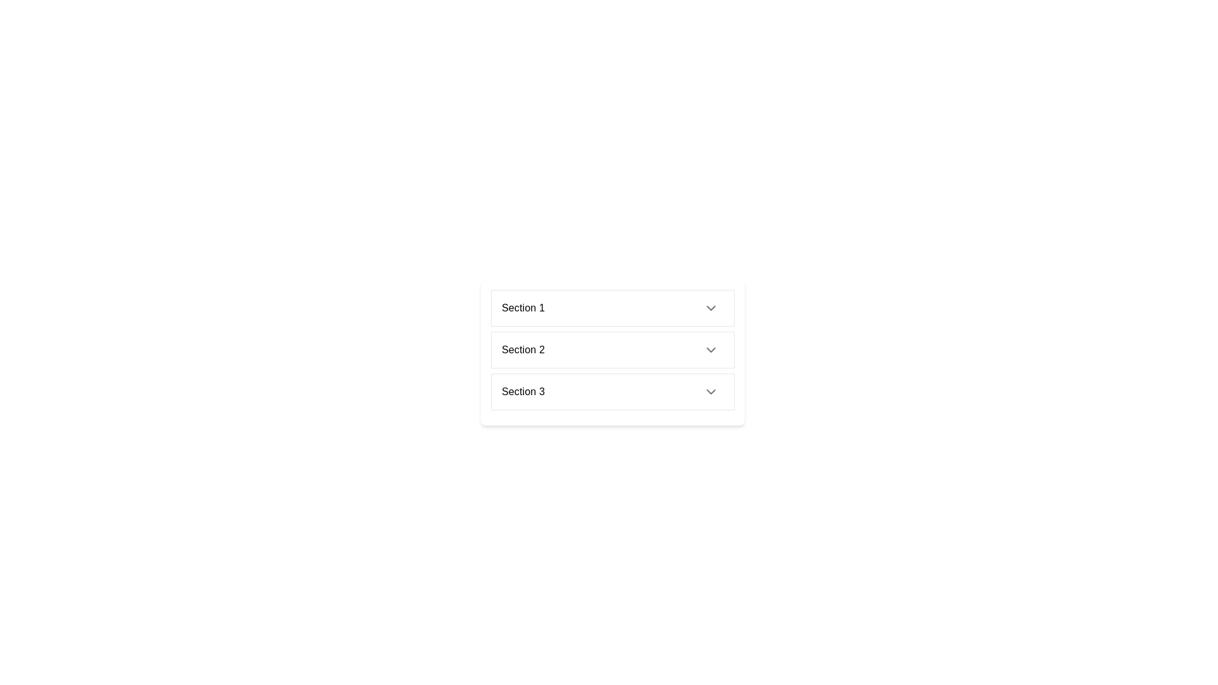 Image resolution: width=1218 pixels, height=685 pixels. Describe the element at coordinates (612, 352) in the screenshot. I see `the second item in the vertical list labeled 'Section 2'` at that location.